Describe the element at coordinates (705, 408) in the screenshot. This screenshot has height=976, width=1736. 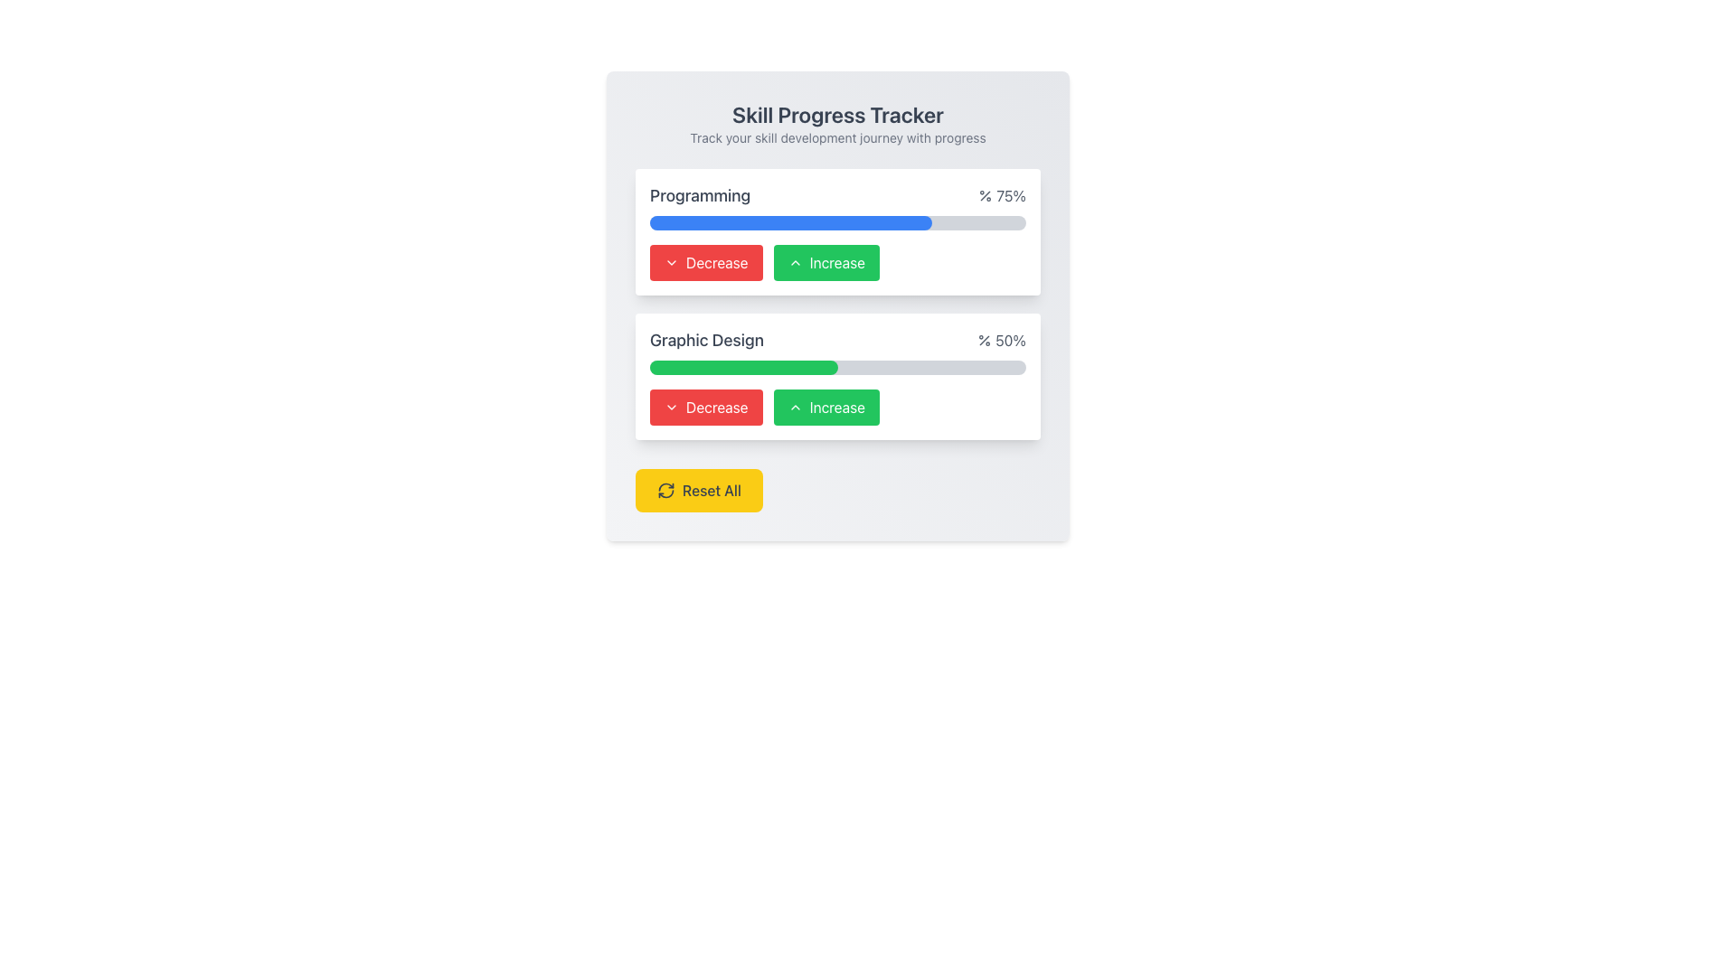
I see `the red 'Decrease' button with rounded corners, which has a white chevron icon and is located under the 'Programming' label` at that location.